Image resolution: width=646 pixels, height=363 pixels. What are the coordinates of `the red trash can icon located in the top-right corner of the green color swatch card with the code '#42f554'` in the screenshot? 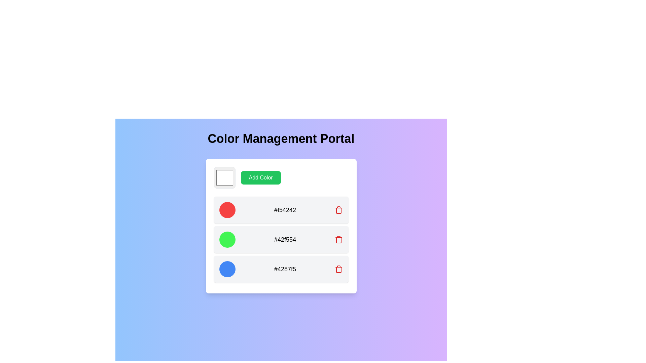 It's located at (339, 239).